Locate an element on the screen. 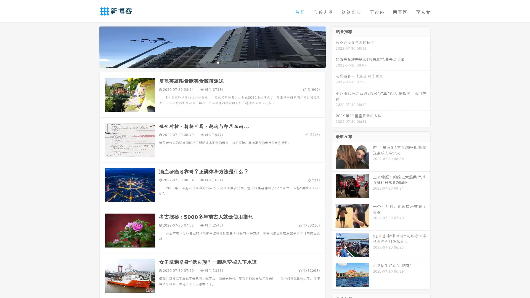 Image resolution: width=530 pixels, height=298 pixels. Previous slide is located at coordinates (91, 46).